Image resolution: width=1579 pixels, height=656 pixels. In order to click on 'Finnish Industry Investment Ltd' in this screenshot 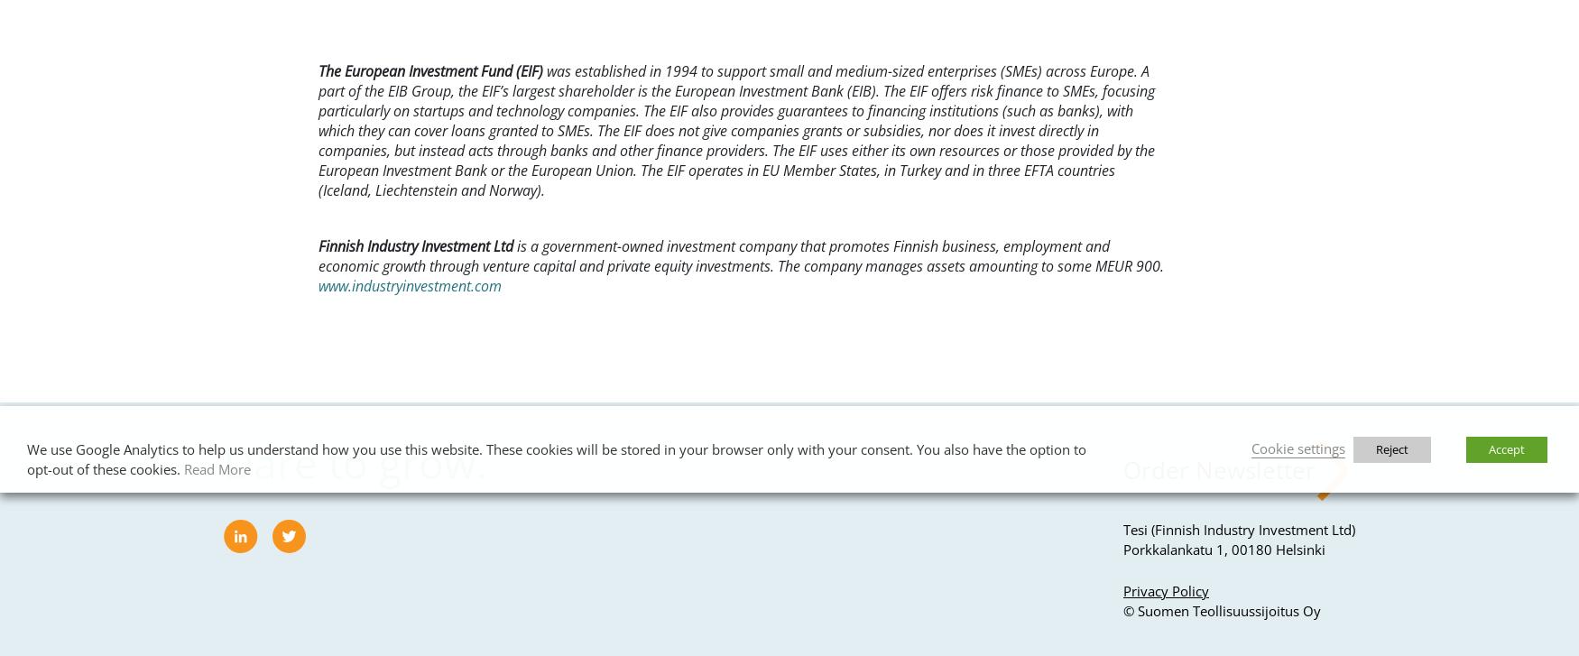, I will do `click(415, 245)`.